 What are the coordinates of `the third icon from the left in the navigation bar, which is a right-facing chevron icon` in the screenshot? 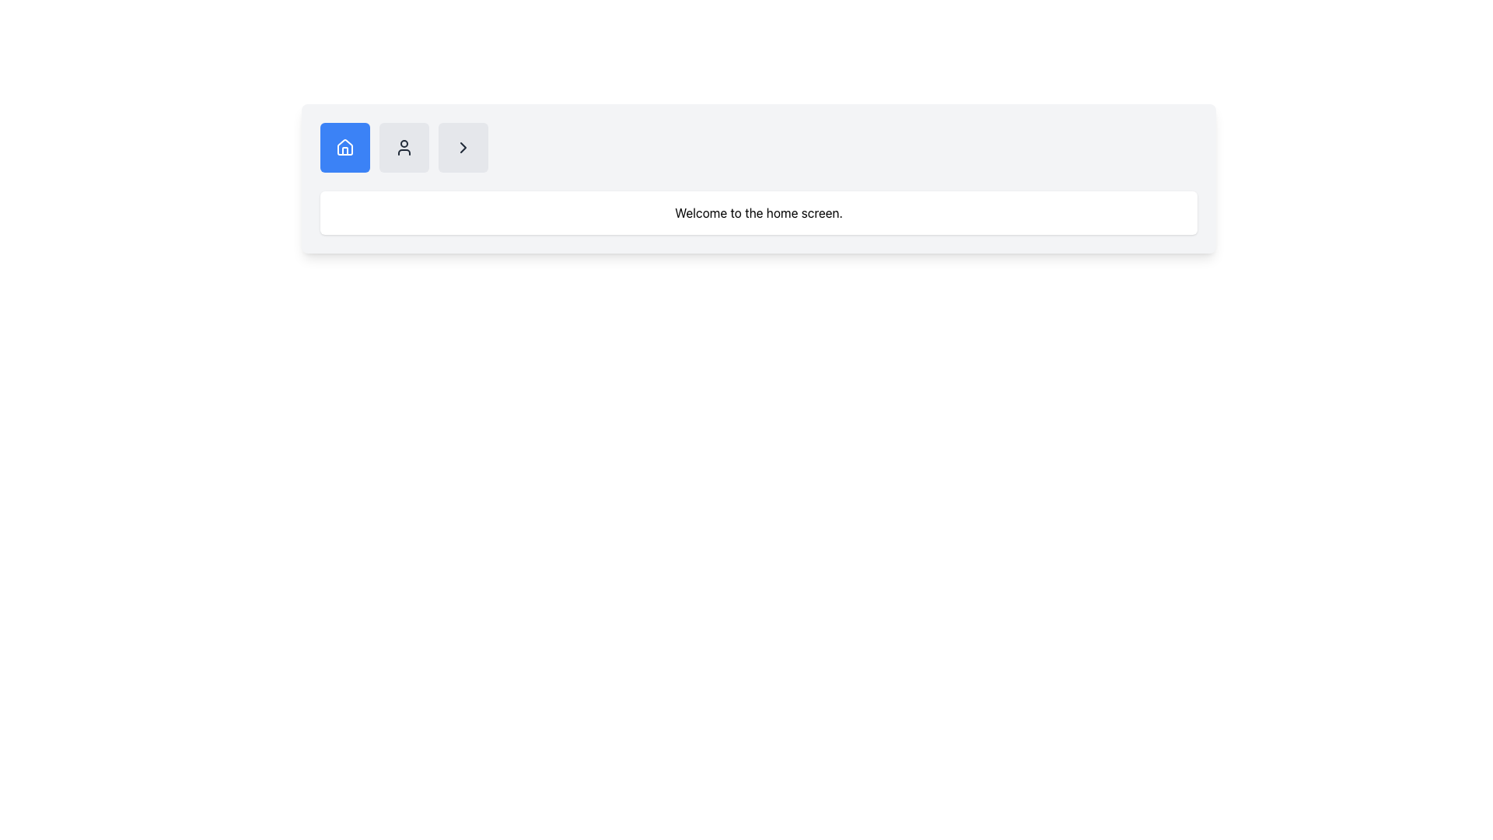 It's located at (462, 147).